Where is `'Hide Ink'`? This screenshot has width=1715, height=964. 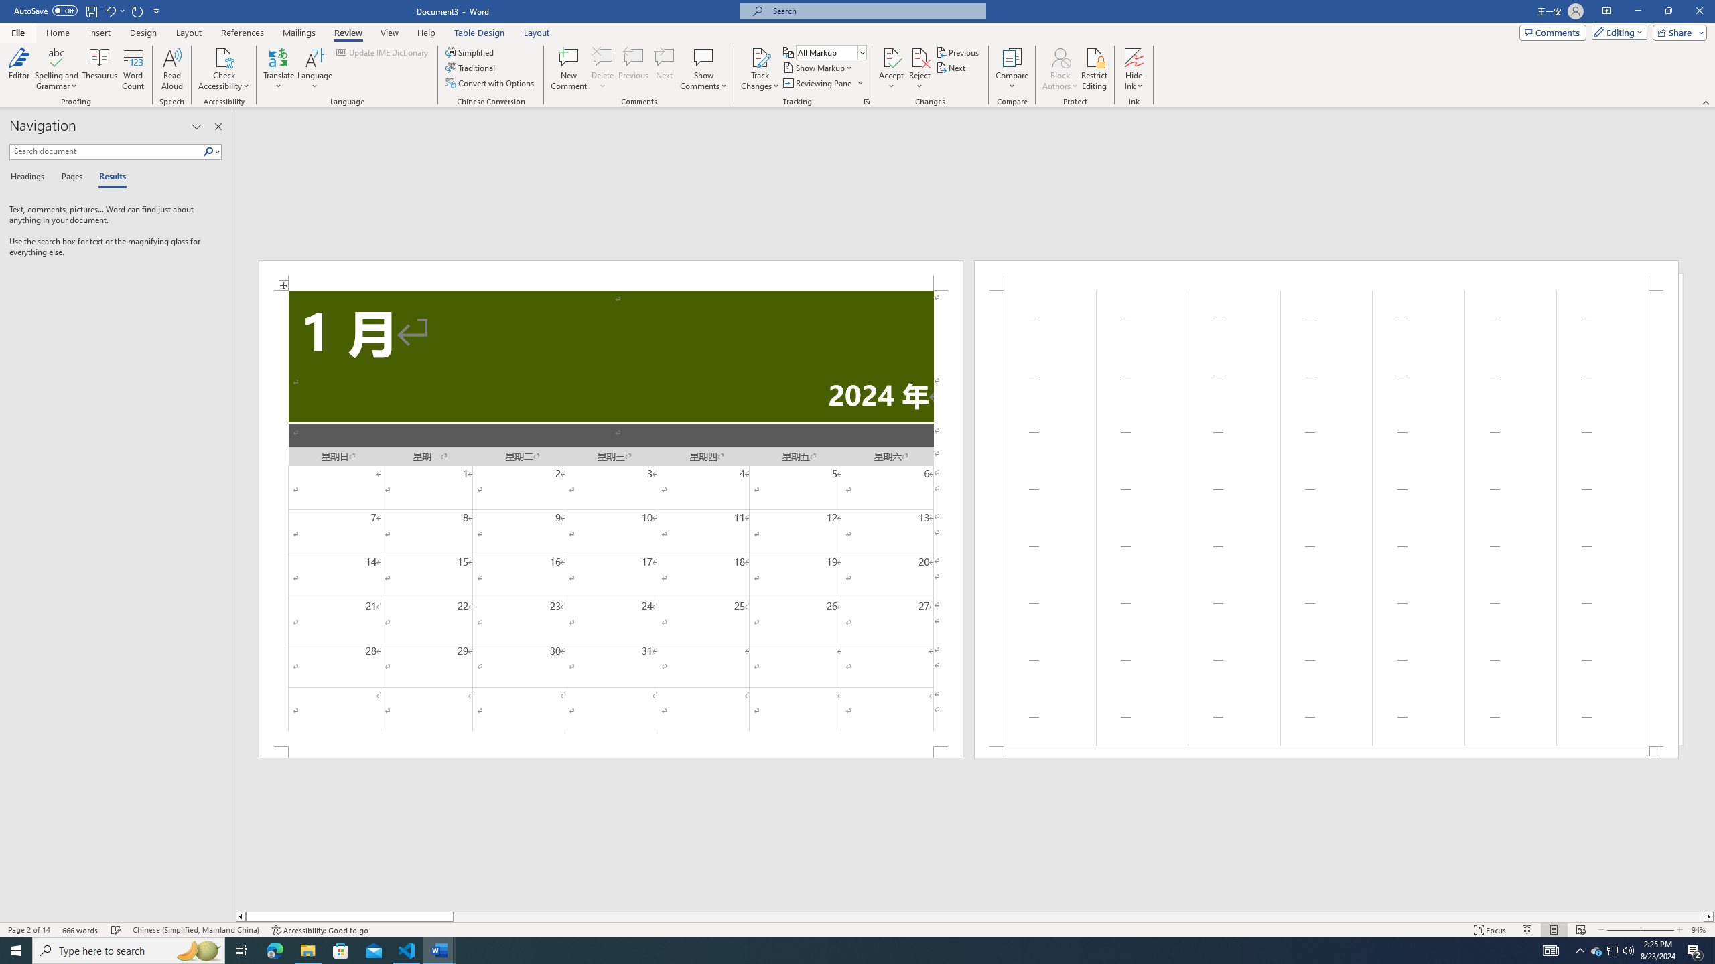 'Hide Ink' is located at coordinates (1134, 69).